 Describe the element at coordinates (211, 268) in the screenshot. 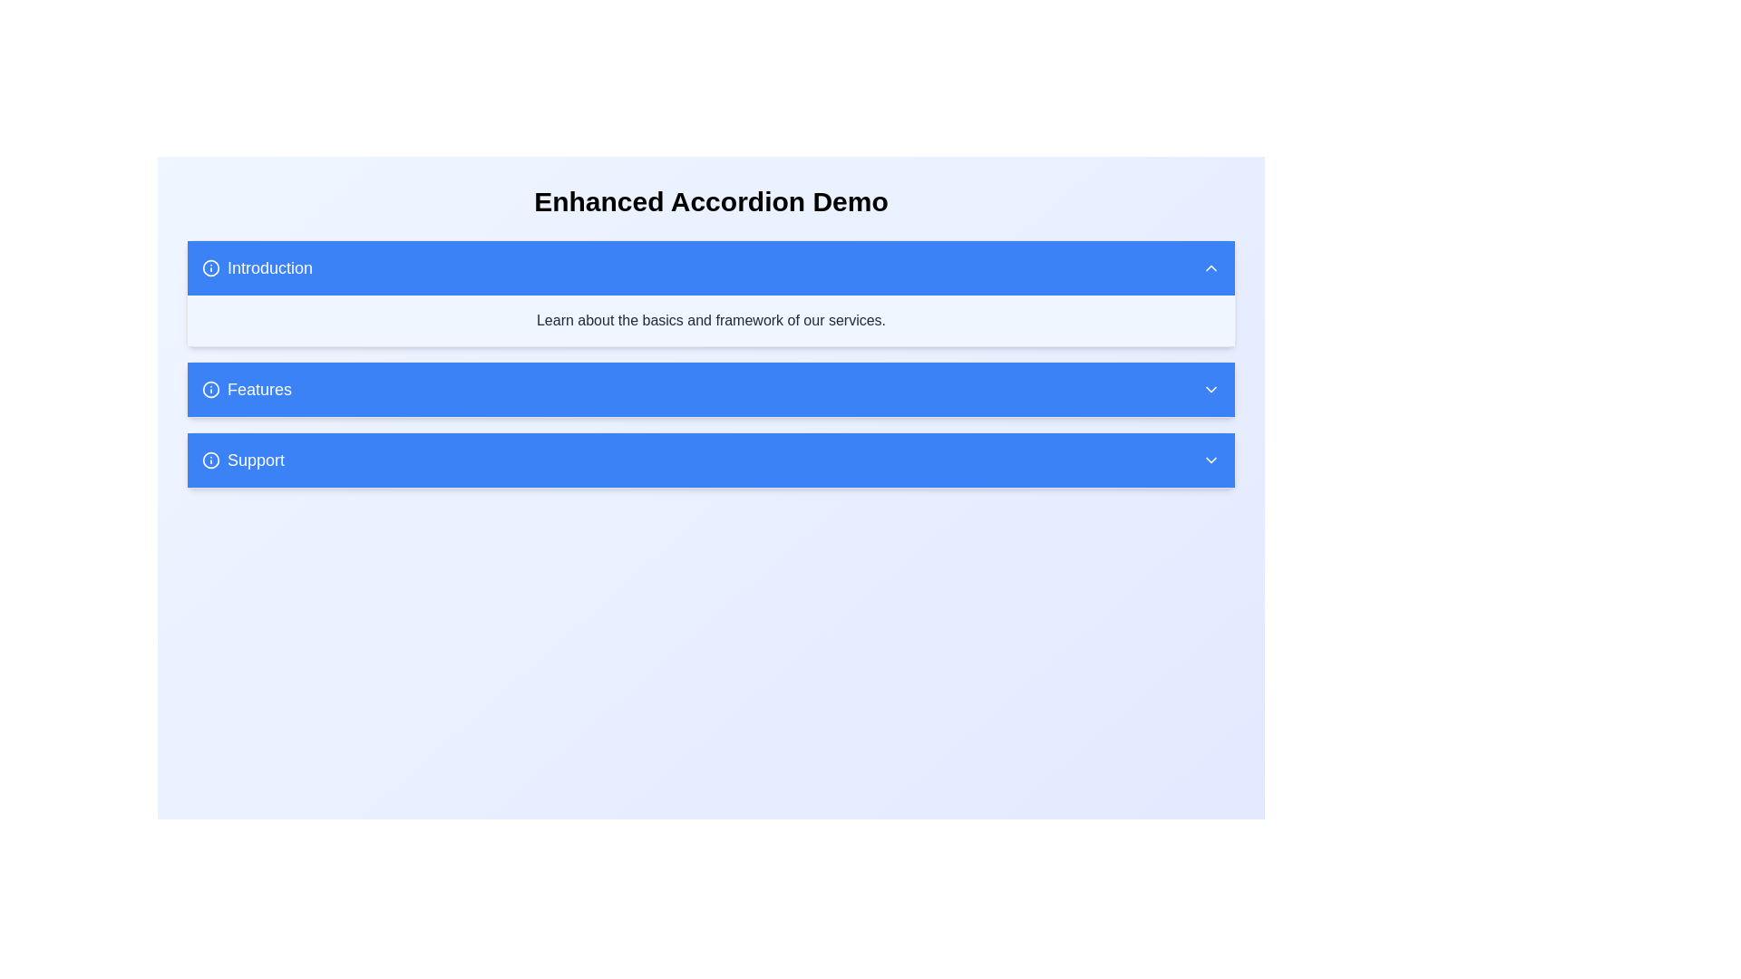

I see `the SVG Circle element within the information icon located to the left of the text 'Introduction'` at that location.